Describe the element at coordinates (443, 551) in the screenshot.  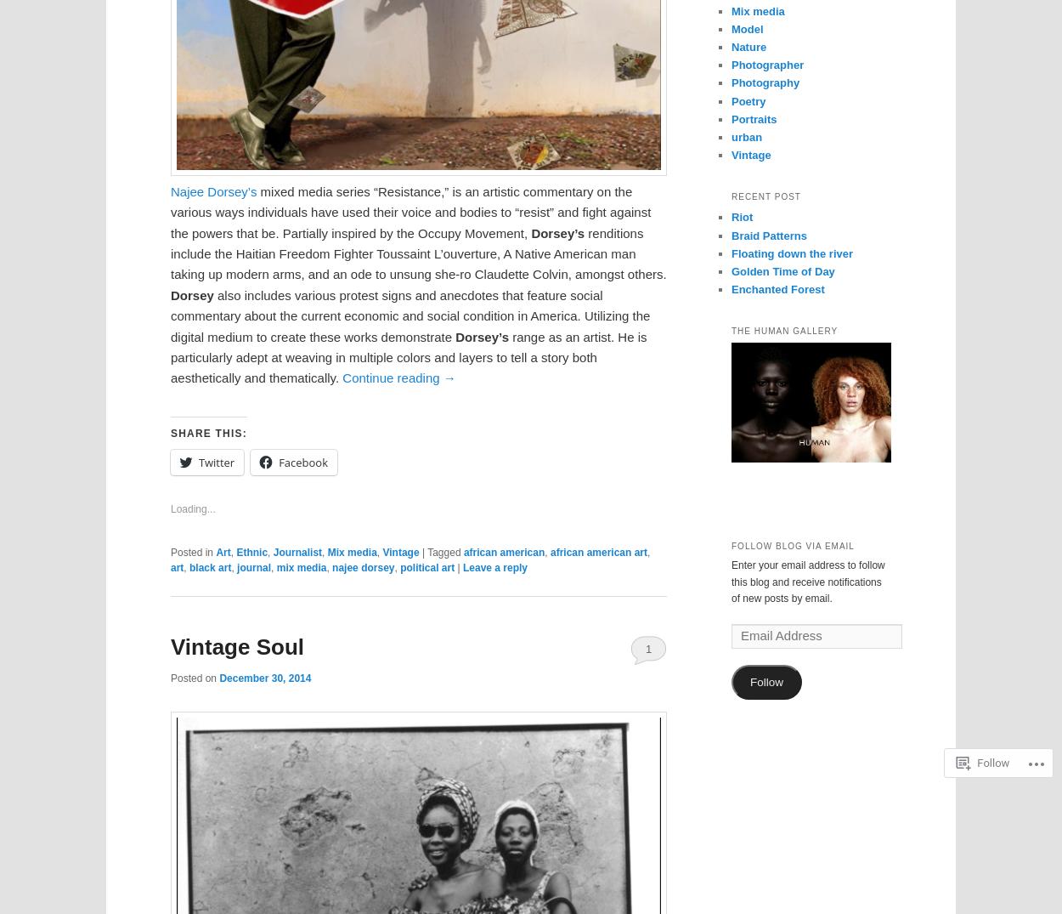
I see `'Tagged'` at that location.